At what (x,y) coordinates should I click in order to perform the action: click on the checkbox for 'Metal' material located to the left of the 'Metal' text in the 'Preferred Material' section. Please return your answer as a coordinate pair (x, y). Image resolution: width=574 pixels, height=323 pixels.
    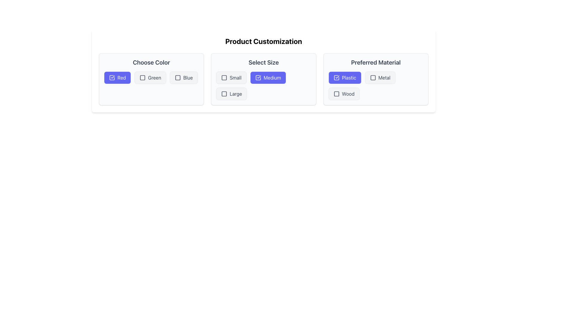
    Looking at the image, I should click on (373, 77).